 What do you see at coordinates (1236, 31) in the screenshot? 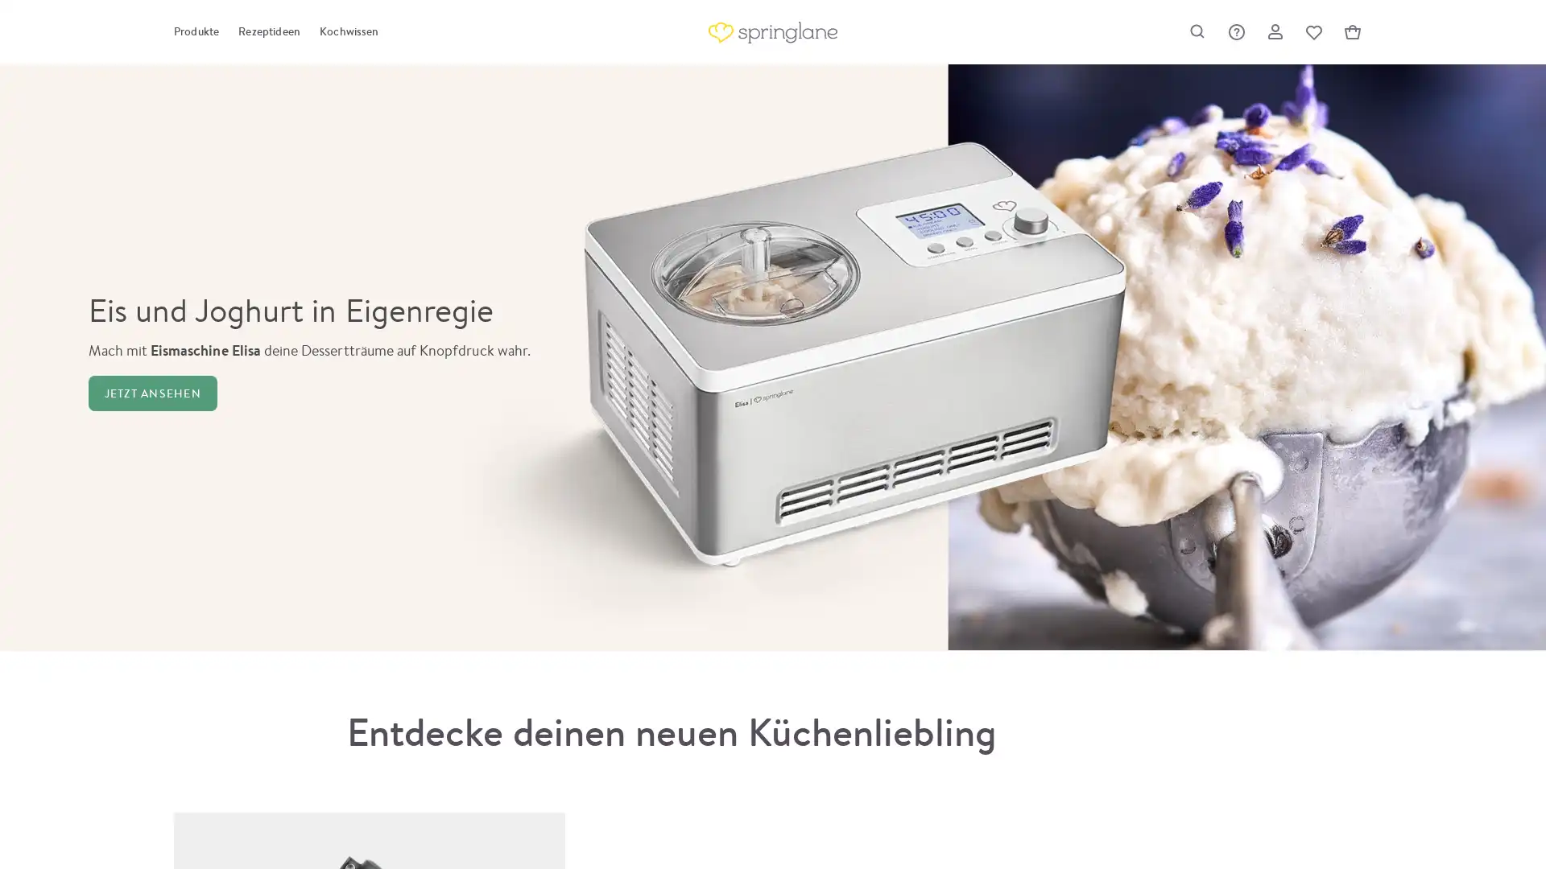
I see `Hilfe & Support` at bounding box center [1236, 31].